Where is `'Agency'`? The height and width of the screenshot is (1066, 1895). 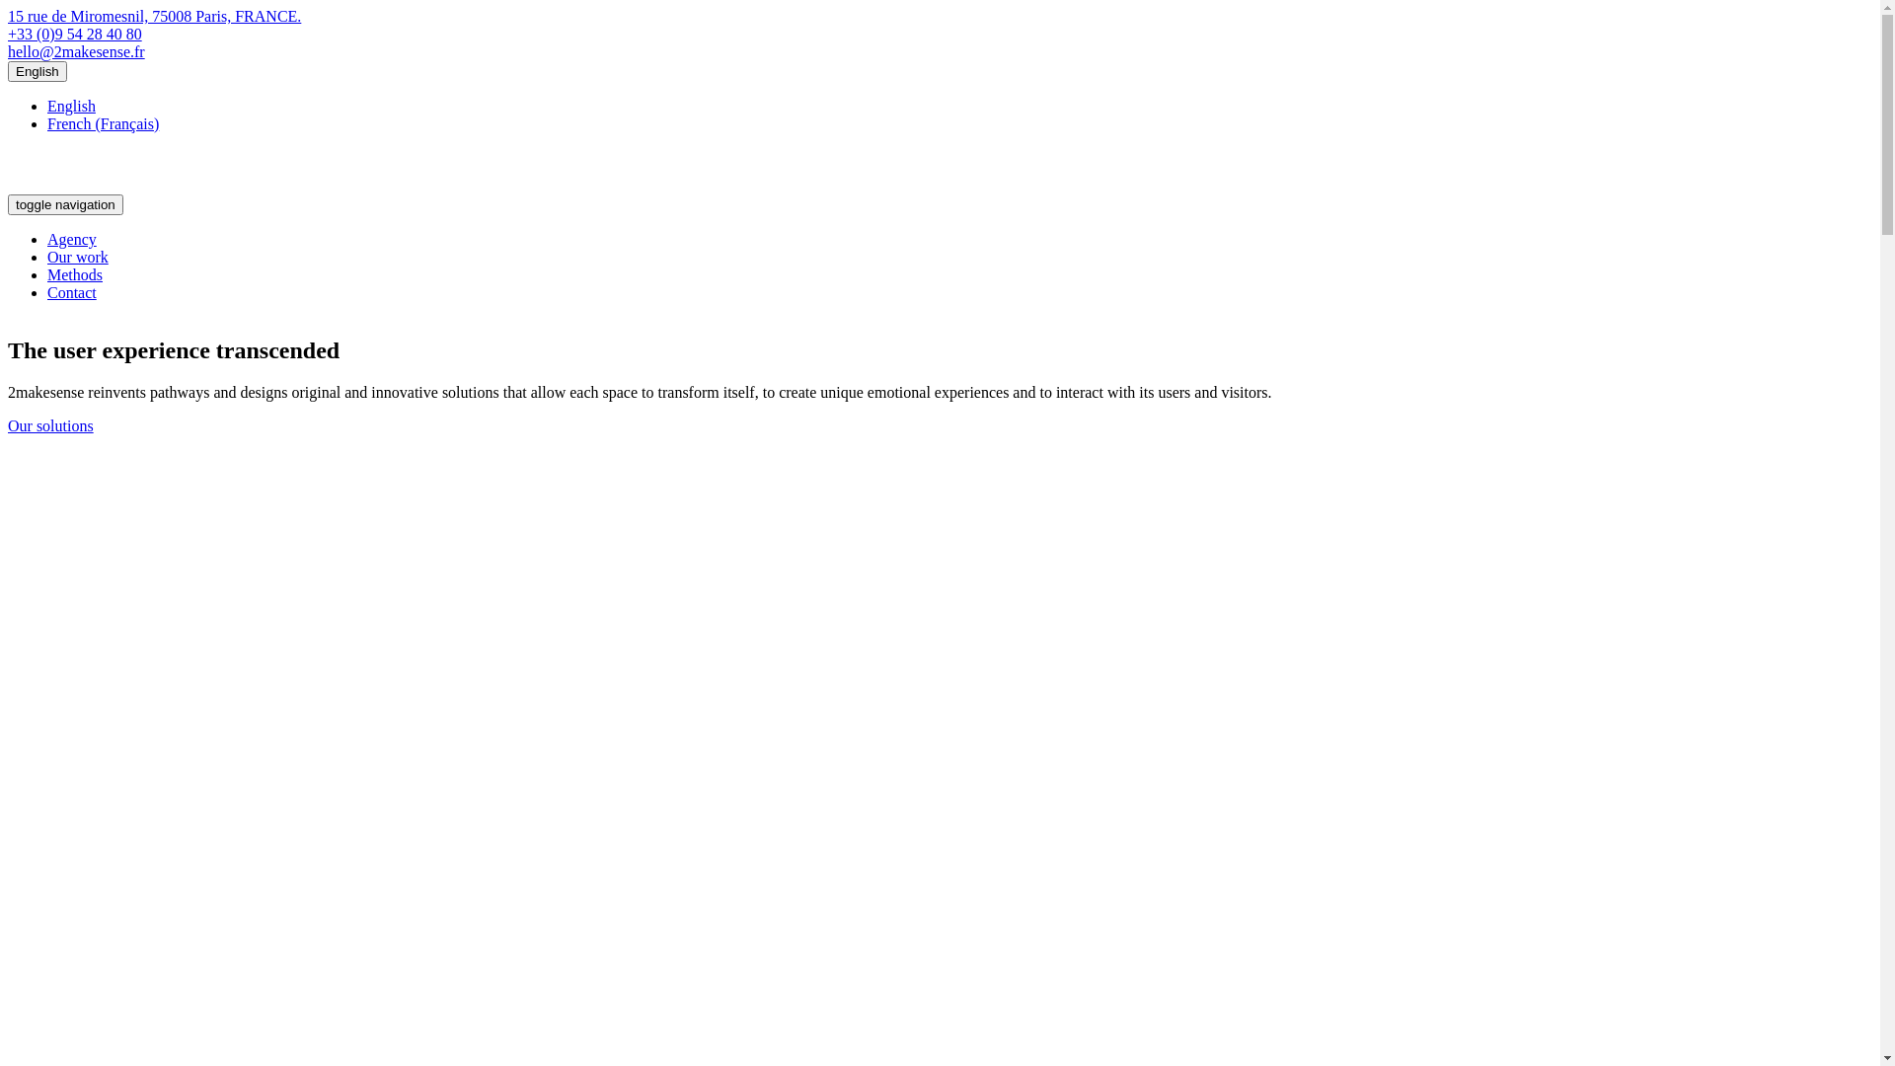
'Agency' is located at coordinates (71, 238).